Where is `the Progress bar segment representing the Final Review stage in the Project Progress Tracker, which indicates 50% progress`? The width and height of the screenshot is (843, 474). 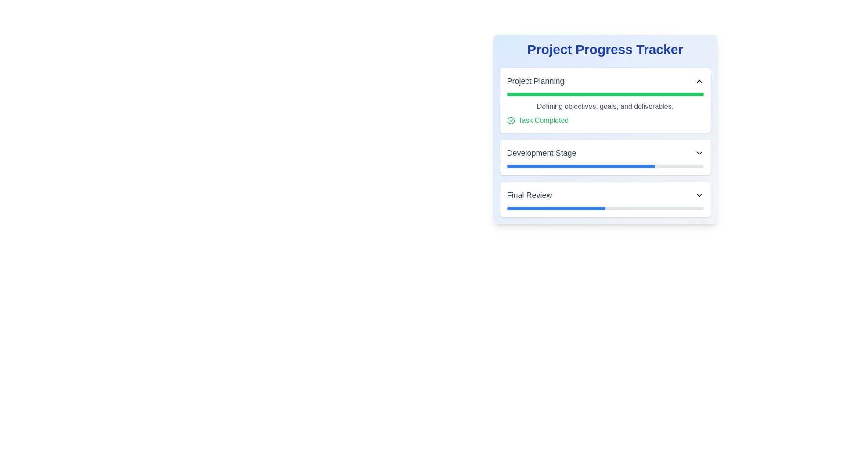 the Progress bar segment representing the Final Review stage in the Project Progress Tracker, which indicates 50% progress is located at coordinates (555, 208).